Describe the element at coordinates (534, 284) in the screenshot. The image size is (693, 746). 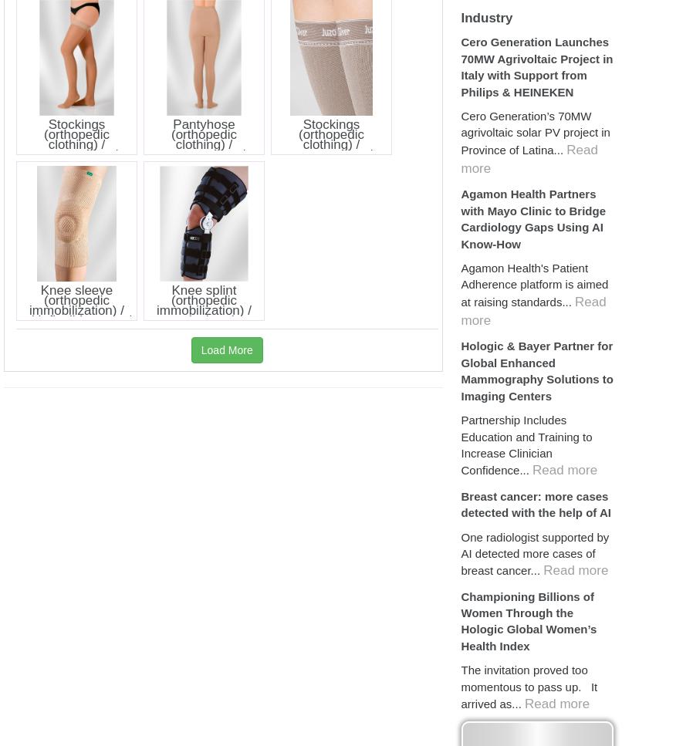
I see `'Agamon Health's Patient Adherence platform is aimed at raising standards...'` at that location.